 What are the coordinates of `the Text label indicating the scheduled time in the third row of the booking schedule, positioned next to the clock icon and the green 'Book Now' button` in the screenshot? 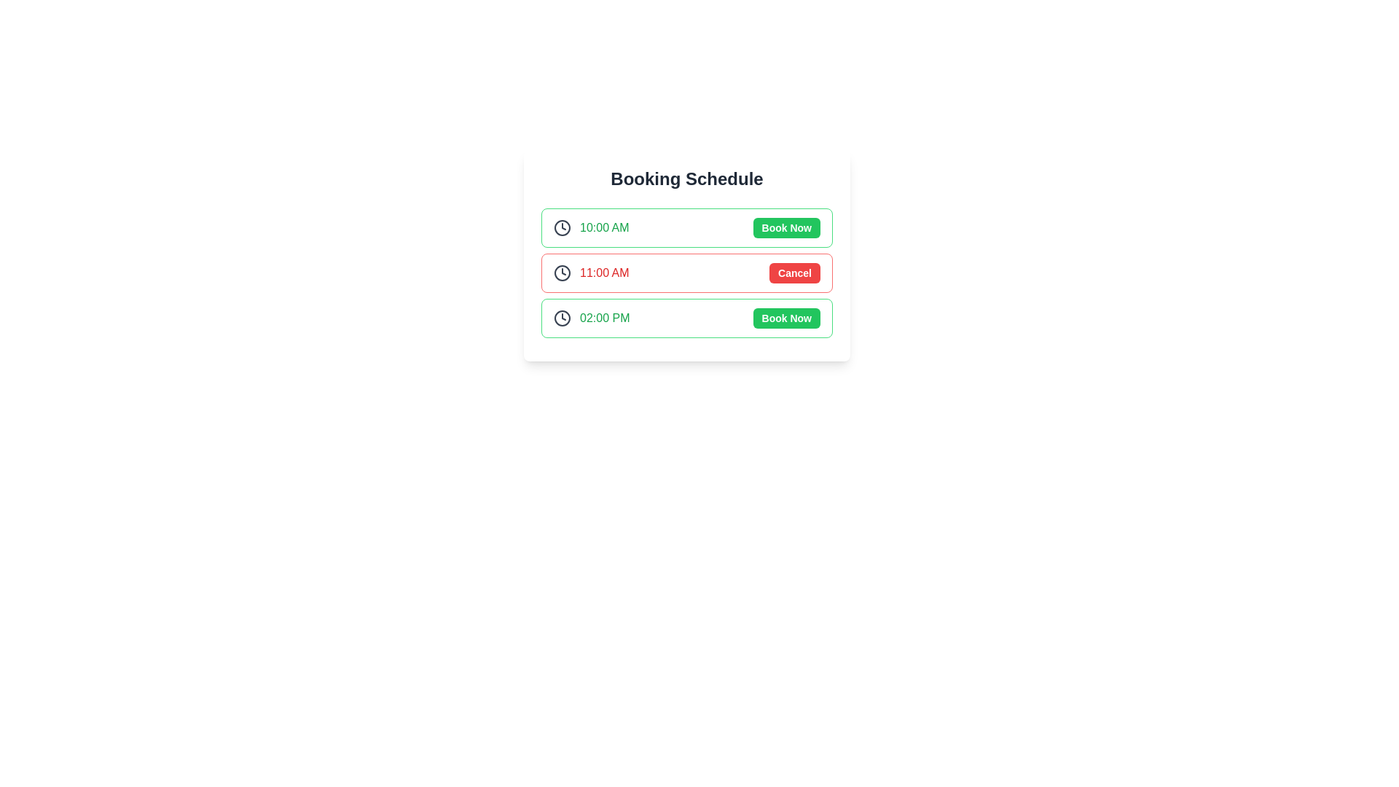 It's located at (605, 317).